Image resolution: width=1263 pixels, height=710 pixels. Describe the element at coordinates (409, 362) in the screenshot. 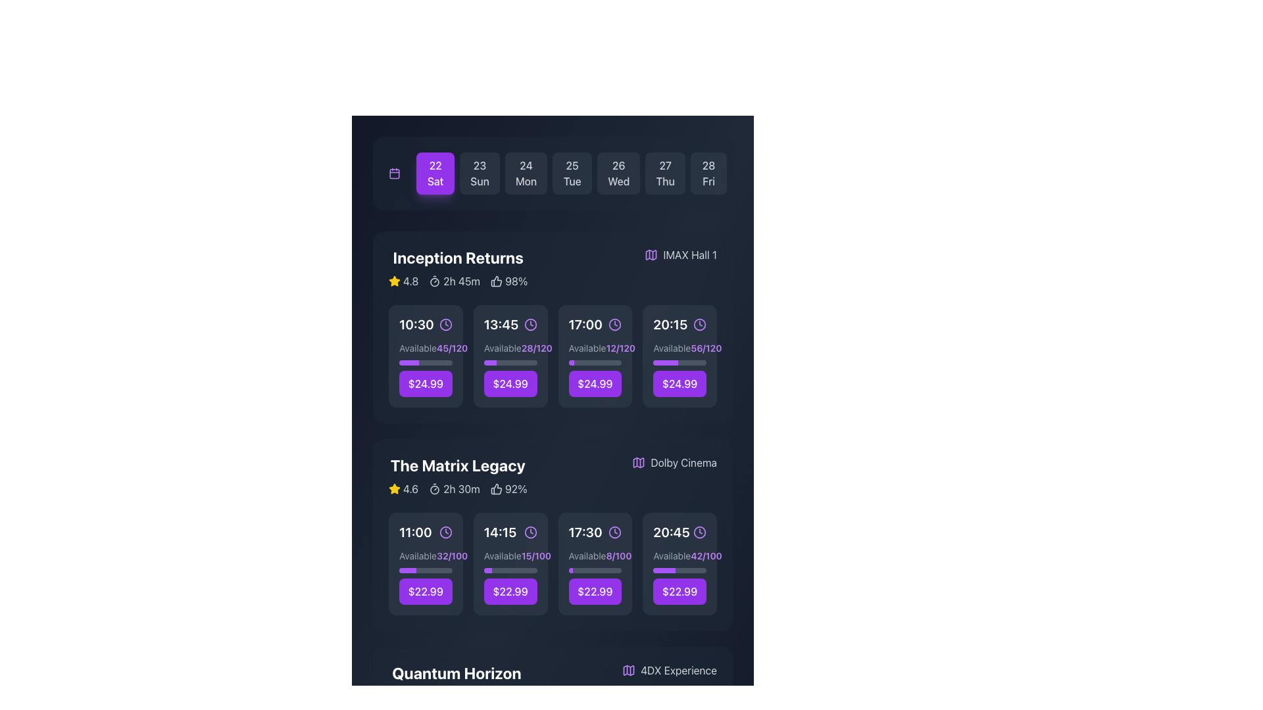

I see `the first progress bar segment located beneath the 'Available: 45/120' label associated with the '10:30' time slot in the 'Inception Returns' movie section` at that location.